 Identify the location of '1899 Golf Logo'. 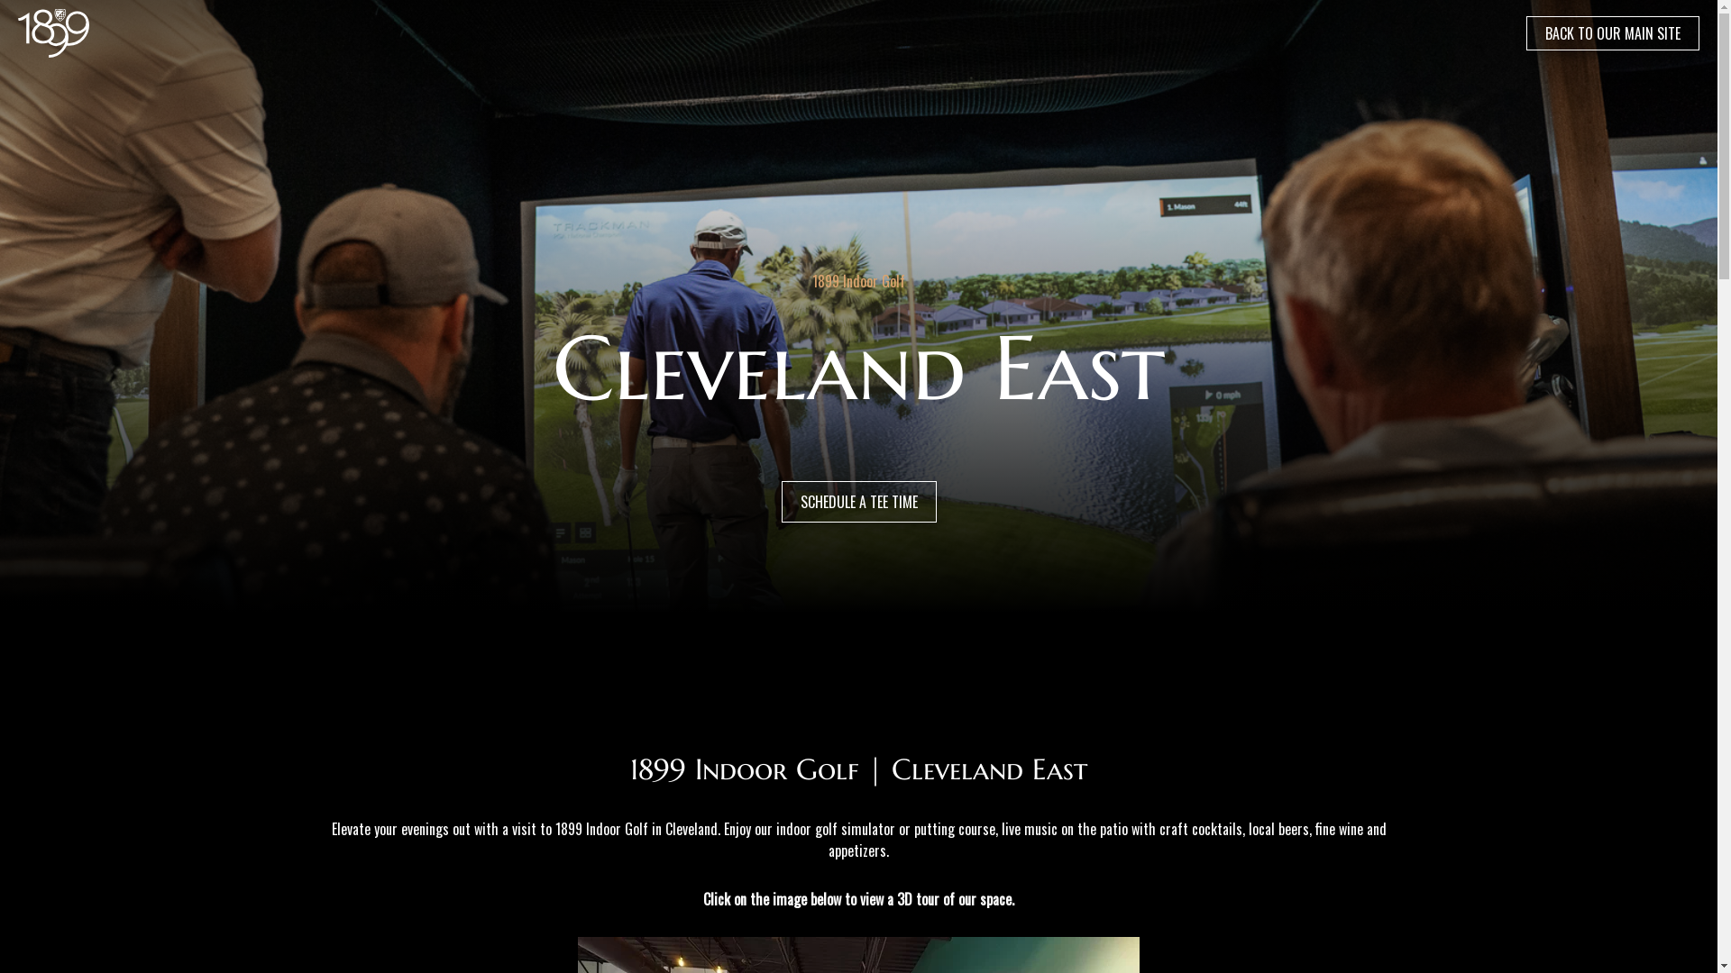
(53, 33).